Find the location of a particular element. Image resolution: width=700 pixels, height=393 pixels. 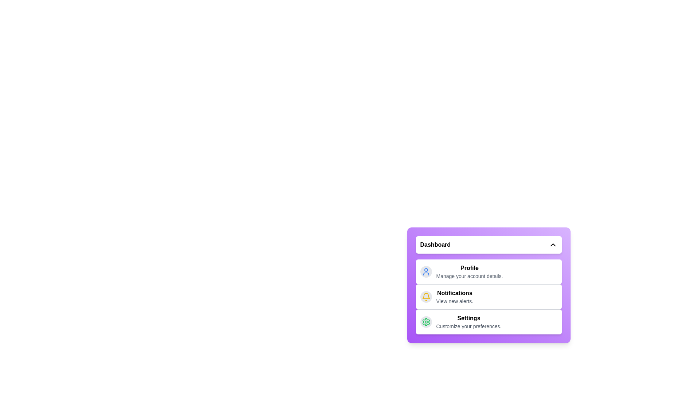

the menu item Profile to view its hover effect is located at coordinates (489, 272).